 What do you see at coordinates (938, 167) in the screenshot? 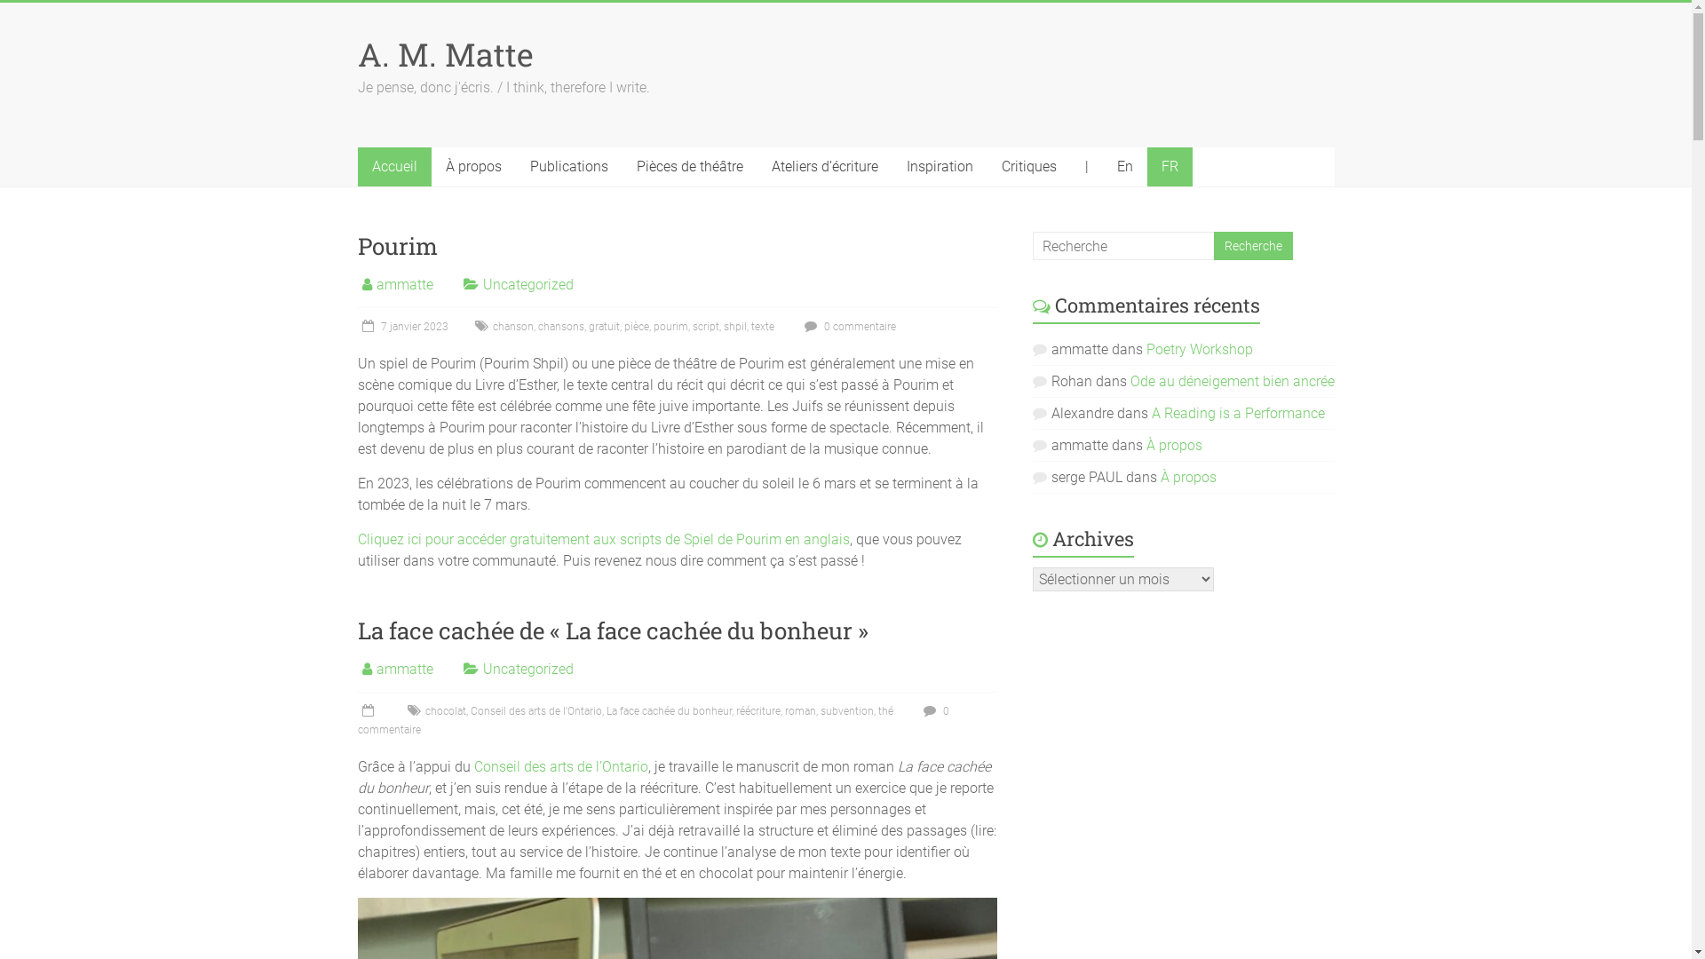
I see `'Inspiration'` at bounding box center [938, 167].